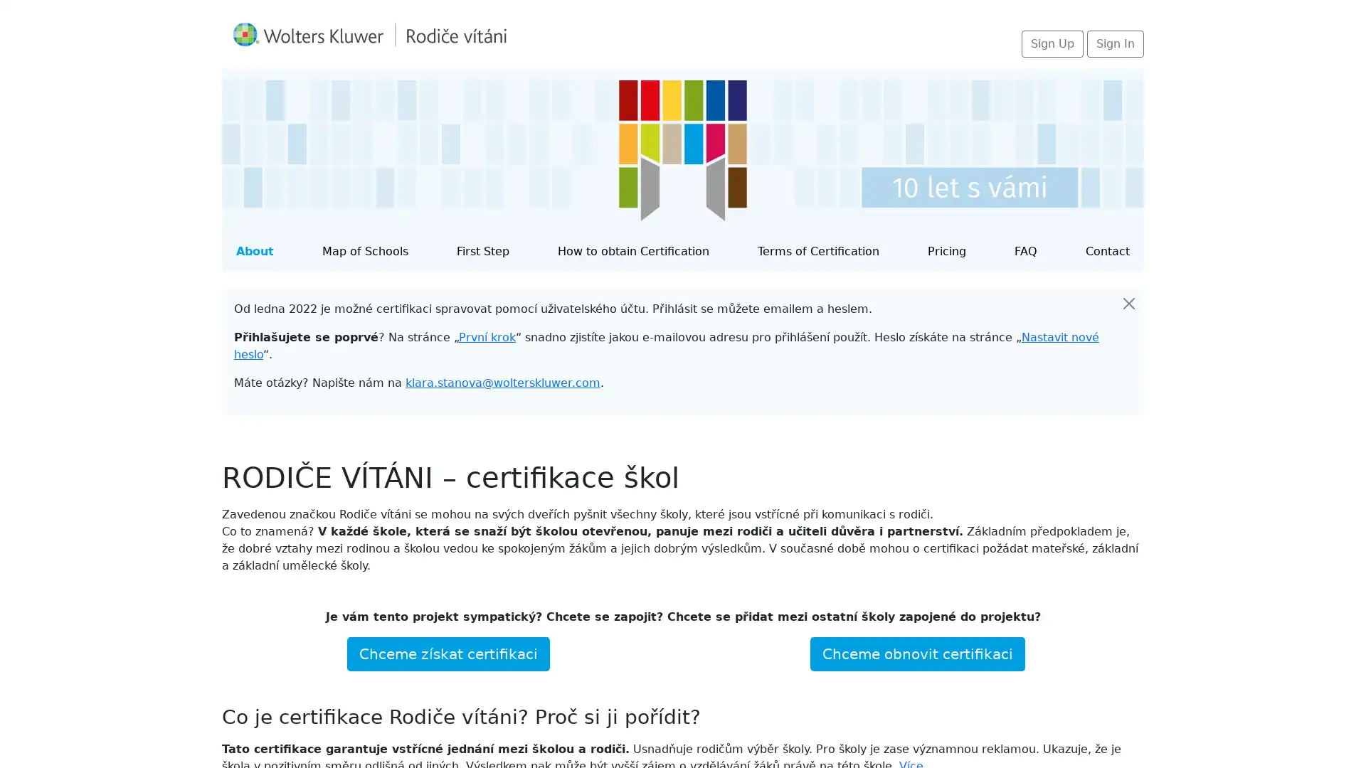 The image size is (1366, 768). I want to click on Close, so click(1128, 303).